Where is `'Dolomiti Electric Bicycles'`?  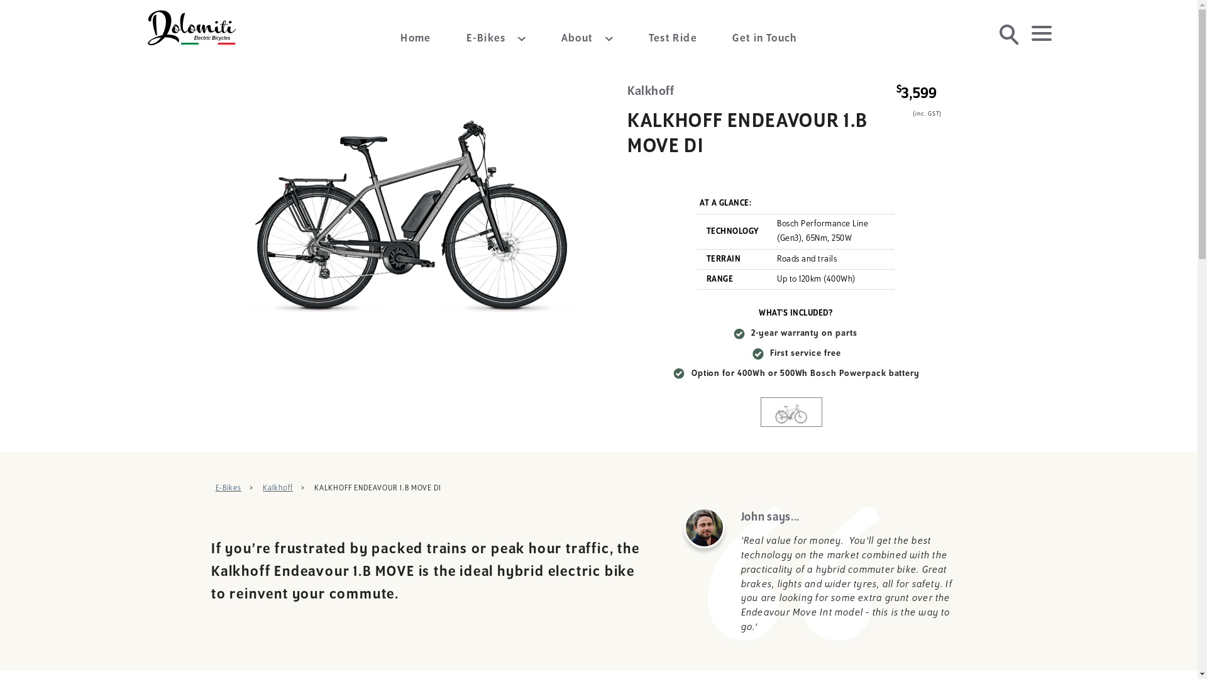
'Dolomiti Electric Bicycles' is located at coordinates (192, 28).